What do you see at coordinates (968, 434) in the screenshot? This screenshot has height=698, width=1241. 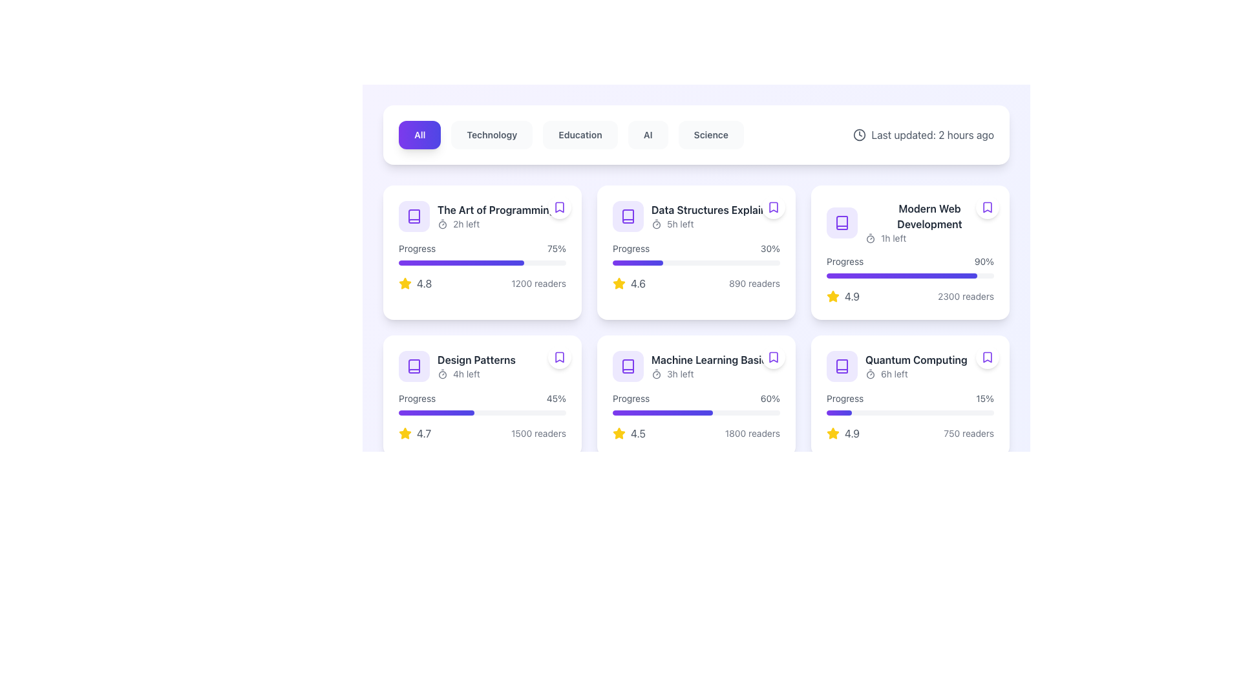 I see `the text label located at the bottom right of the 'Quantum Computing' card, which provides information about the number of readers associated with the entity` at bounding box center [968, 434].